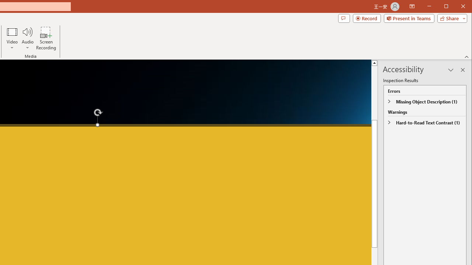 This screenshot has height=265, width=472. What do you see at coordinates (27, 38) in the screenshot?
I see `'Audio'` at bounding box center [27, 38].